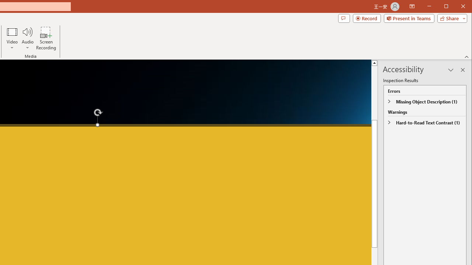 This screenshot has height=265, width=472. What do you see at coordinates (27, 38) in the screenshot?
I see `'Audio'` at bounding box center [27, 38].